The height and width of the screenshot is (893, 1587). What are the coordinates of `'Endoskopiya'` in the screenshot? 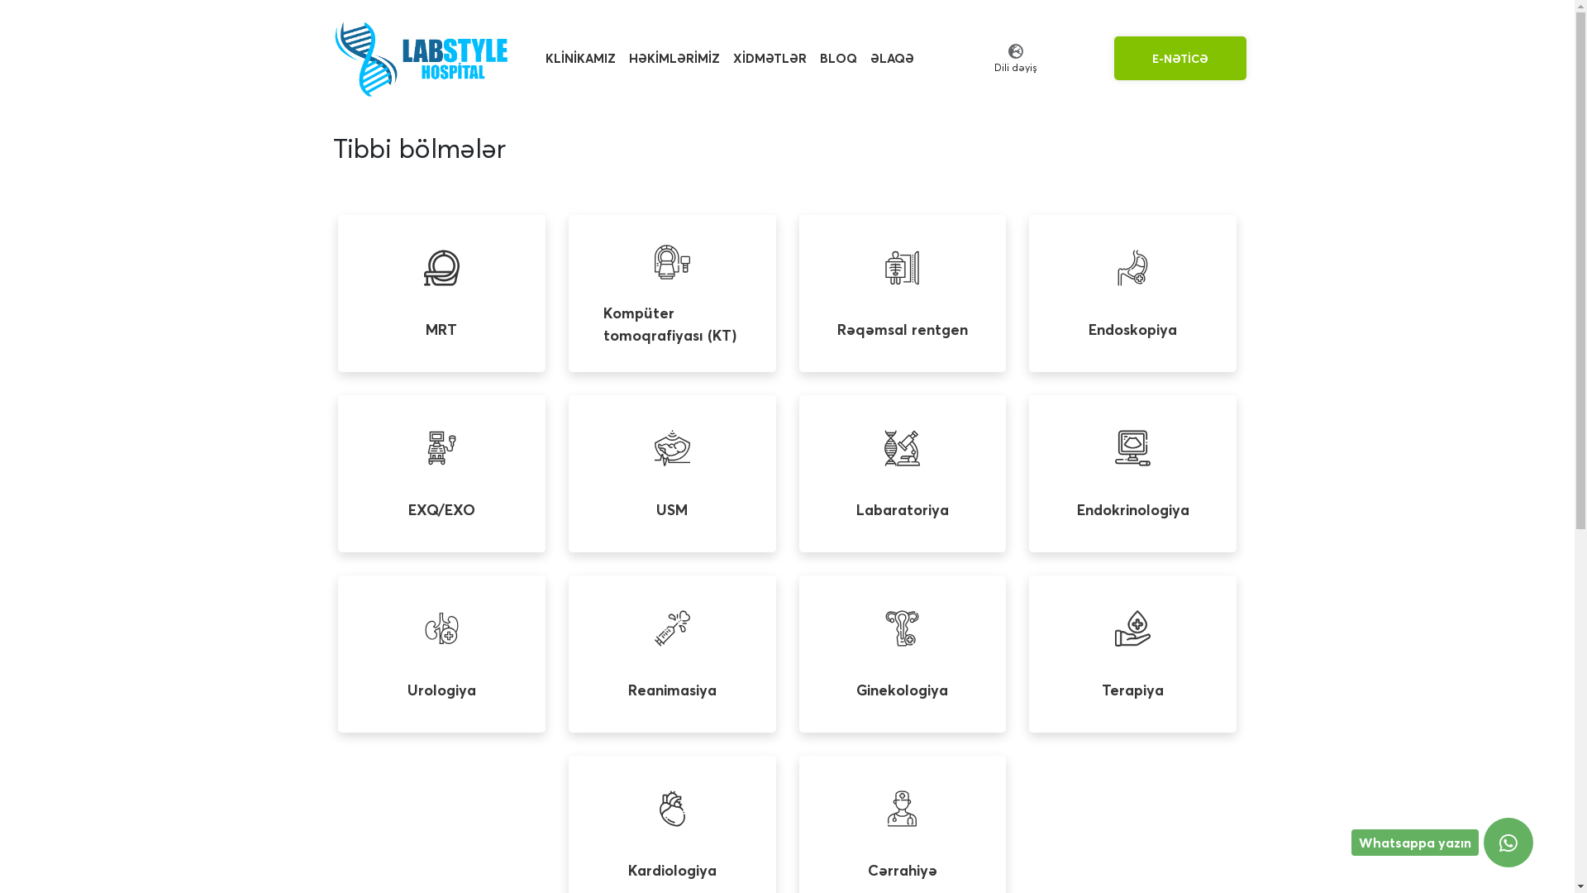 It's located at (1132, 292).